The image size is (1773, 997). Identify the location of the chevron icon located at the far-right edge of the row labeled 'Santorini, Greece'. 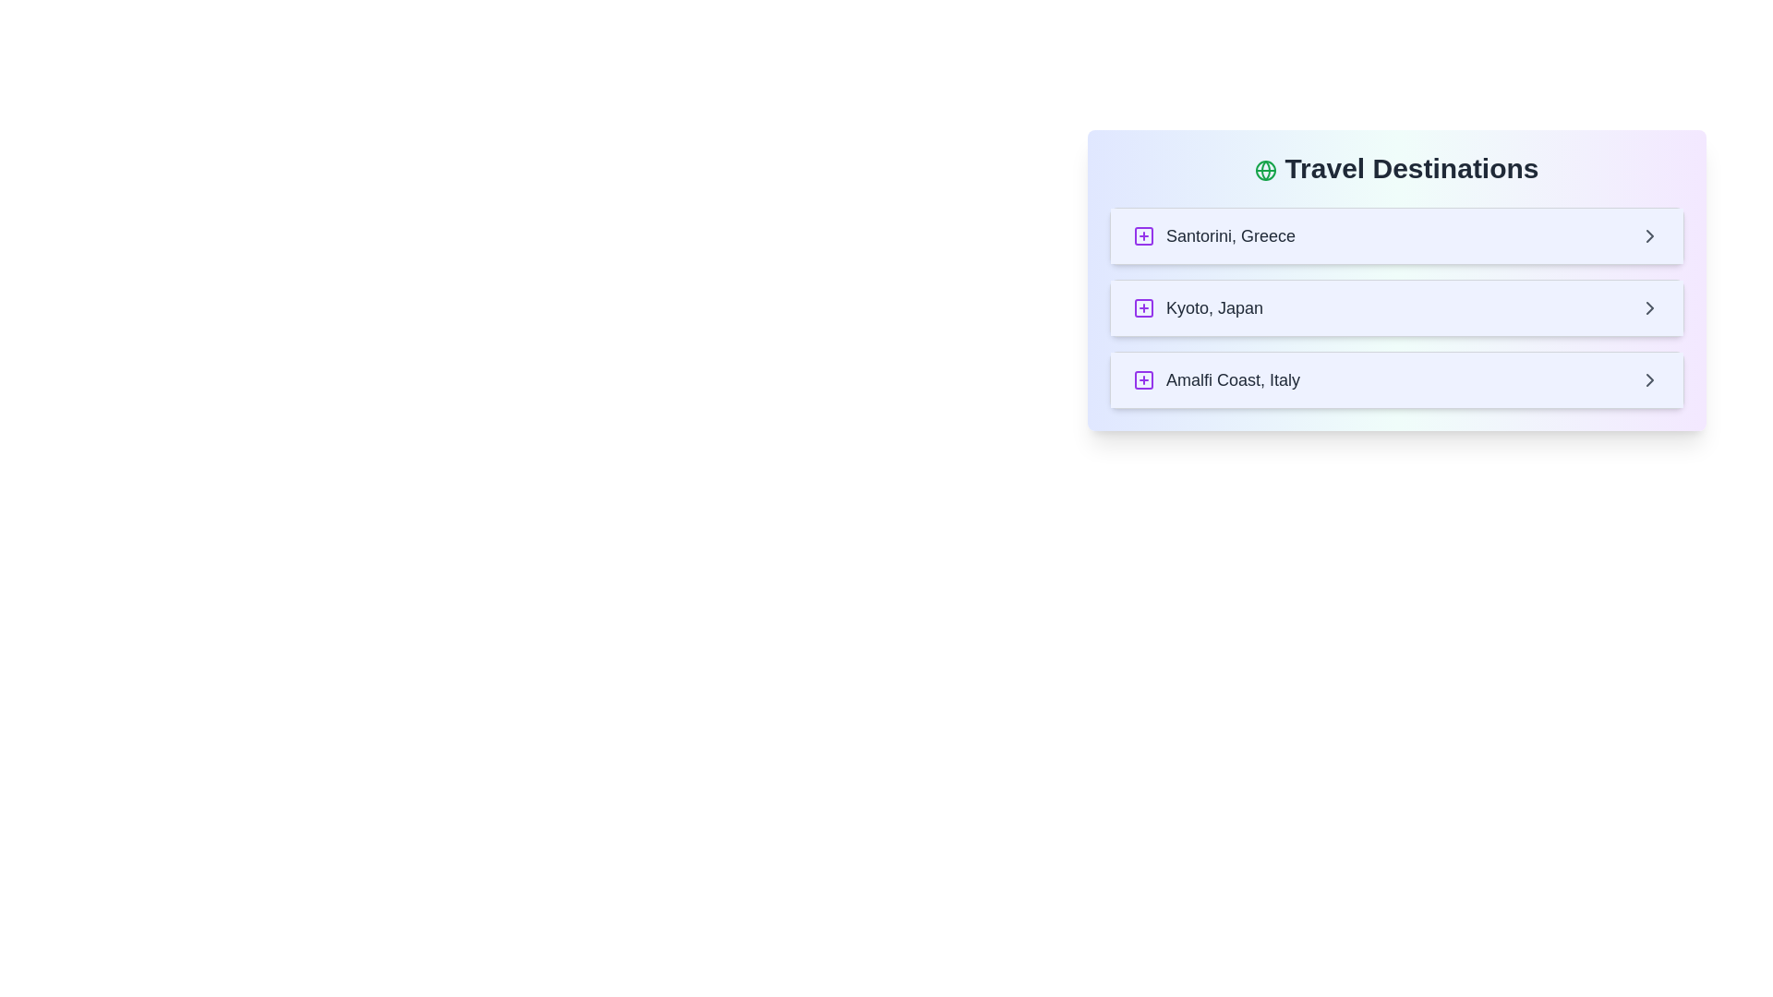
(1649, 234).